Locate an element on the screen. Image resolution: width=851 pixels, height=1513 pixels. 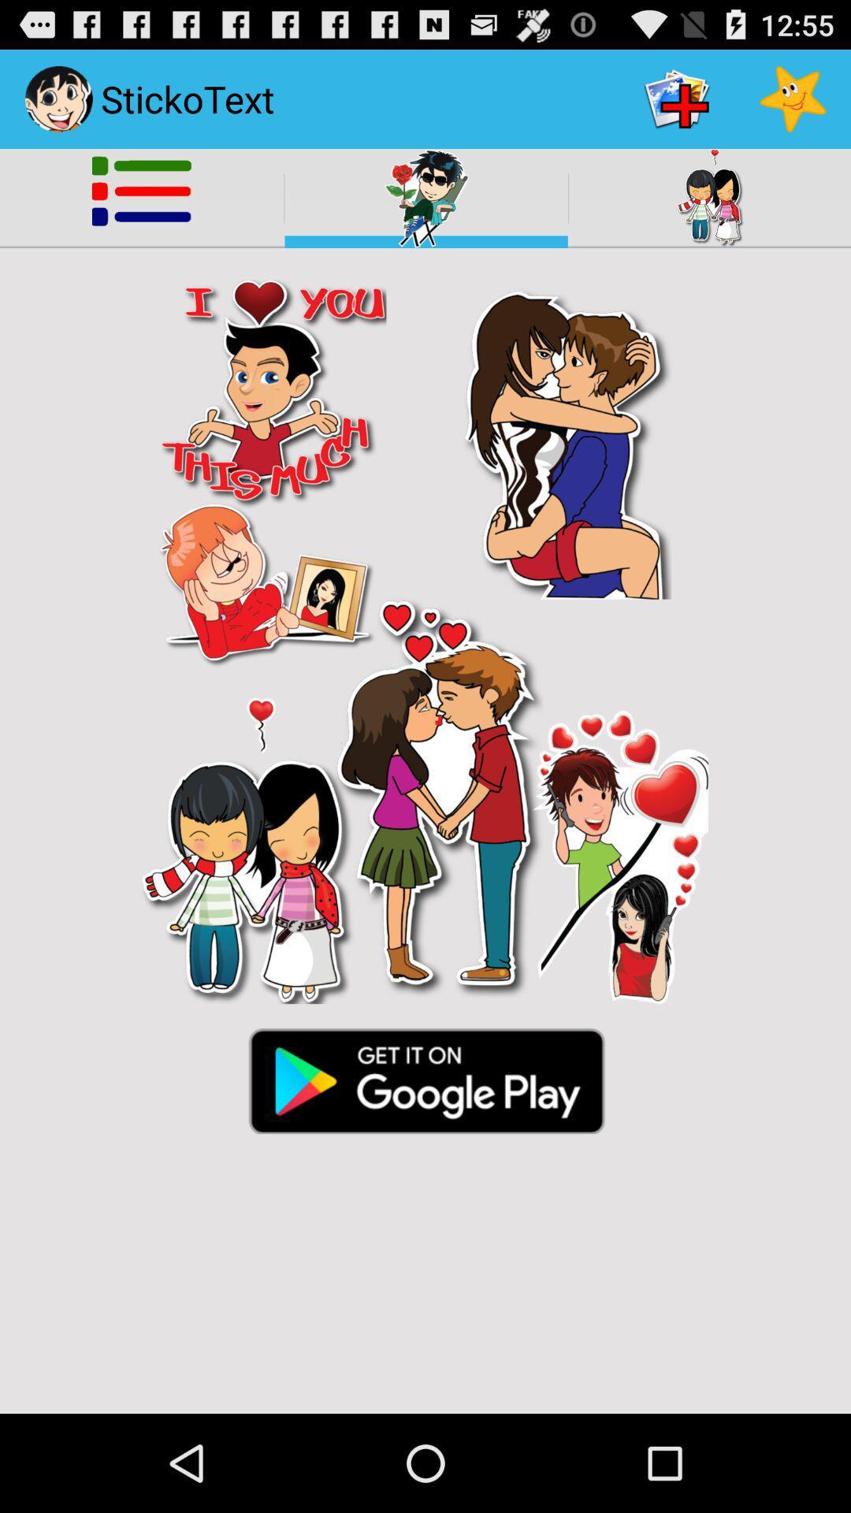
google playstore is located at coordinates (425, 1079).